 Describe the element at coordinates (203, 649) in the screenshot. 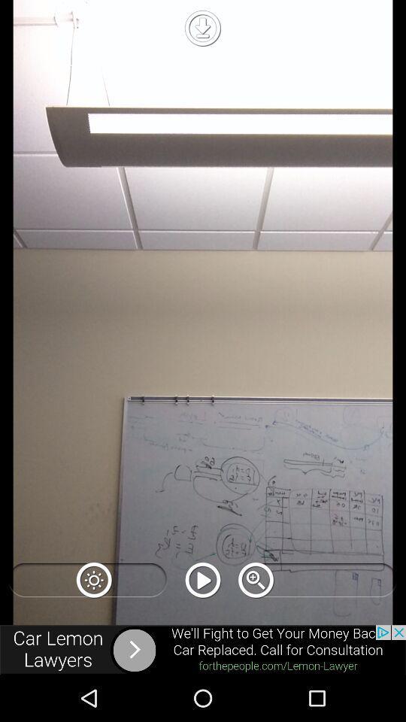

I see `open advertisement` at that location.